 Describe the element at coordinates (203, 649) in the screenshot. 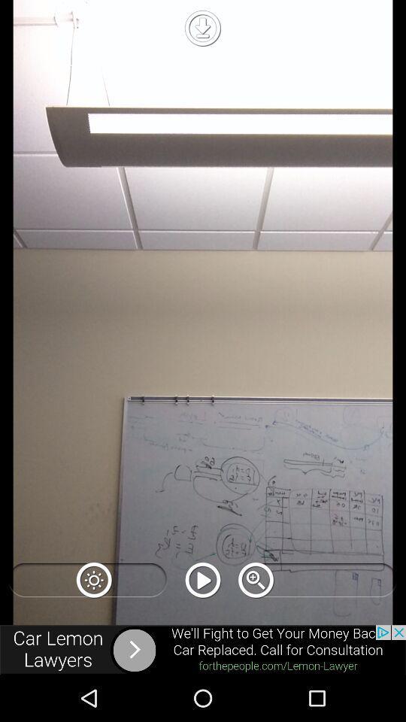

I see `open advertisement` at that location.